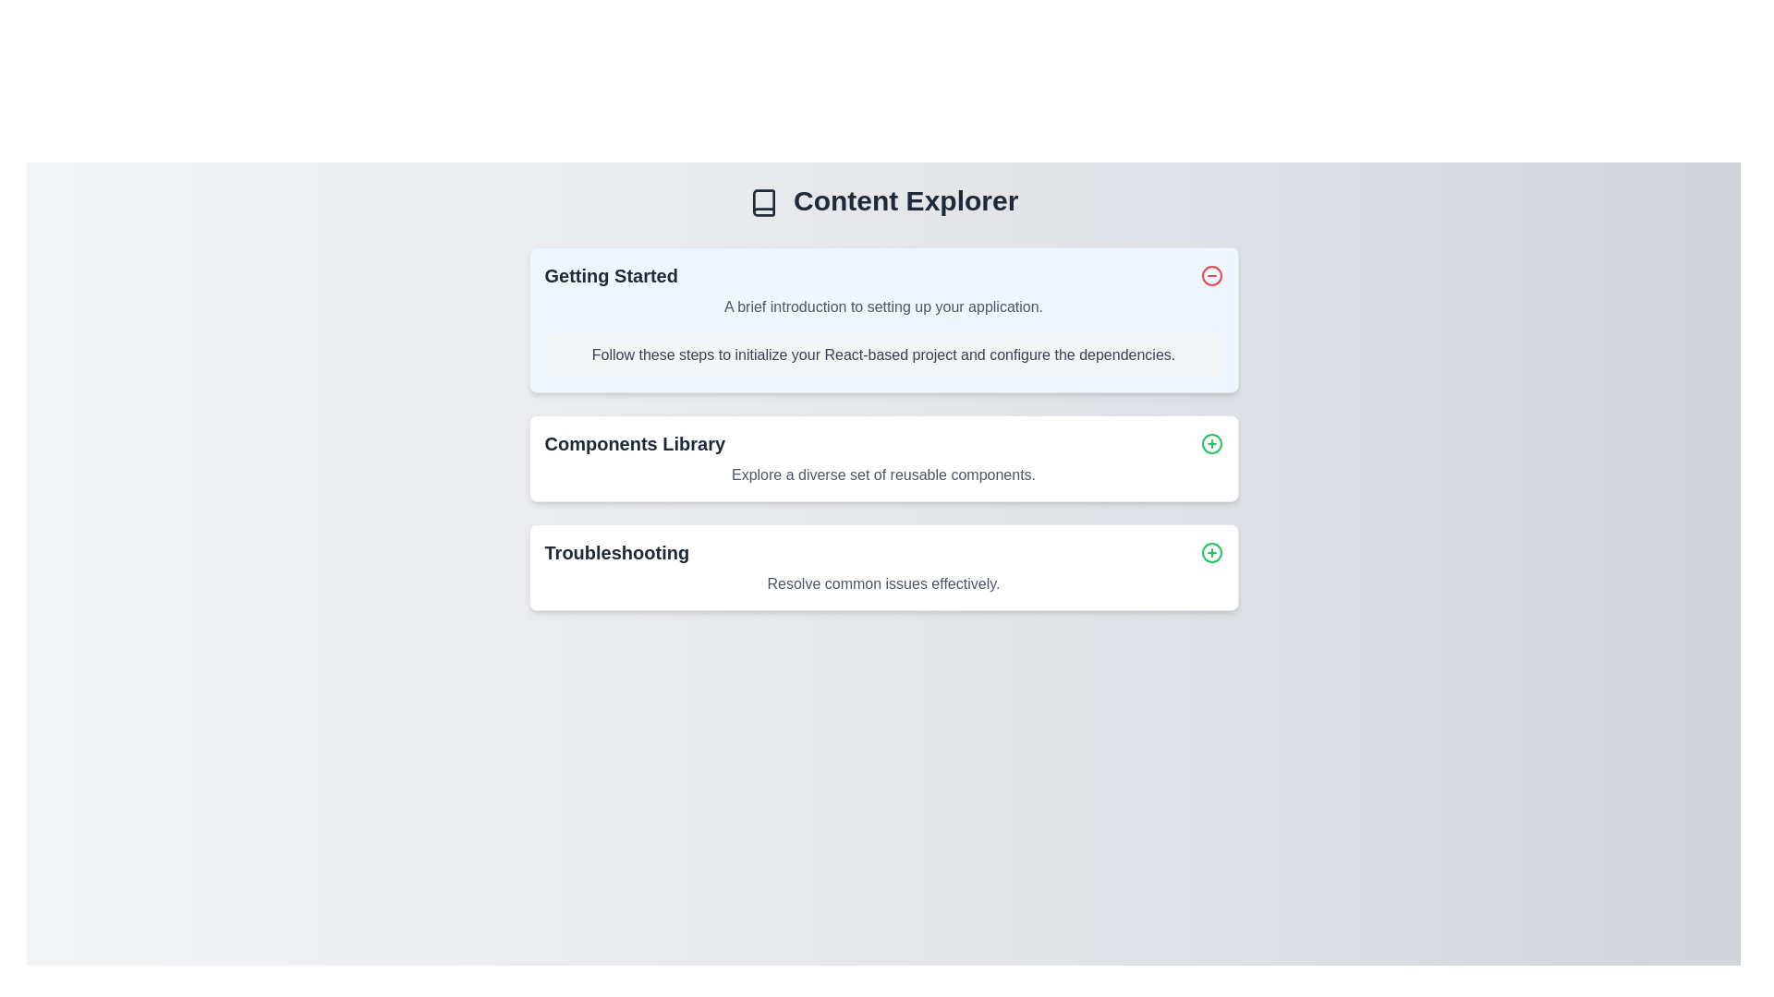 The width and height of the screenshot is (1774, 997). I want to click on the innermost circle of the 'Add' or 'Expand' symbol in the Components Library section, which is part of an SVG icon located on the right side of the middle row, so click(1211, 444).